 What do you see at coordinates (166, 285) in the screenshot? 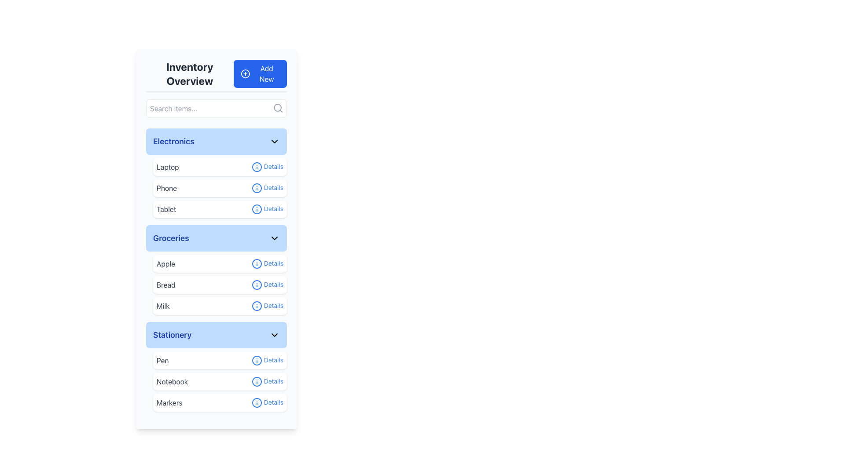
I see `the 'Bread' text label styled with gray color, which is the first text item under the 'Groceries' section of the interface` at bounding box center [166, 285].